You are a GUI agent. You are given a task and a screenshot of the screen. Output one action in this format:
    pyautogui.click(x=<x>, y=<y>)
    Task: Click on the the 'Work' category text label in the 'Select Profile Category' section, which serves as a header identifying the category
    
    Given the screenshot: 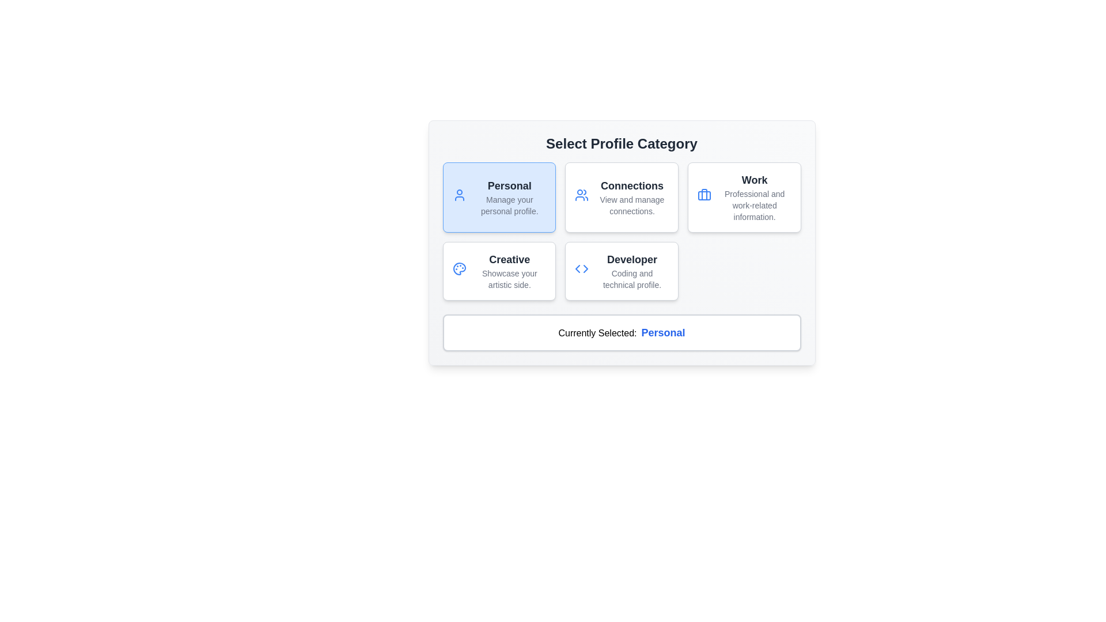 What is the action you would take?
    pyautogui.click(x=755, y=180)
    